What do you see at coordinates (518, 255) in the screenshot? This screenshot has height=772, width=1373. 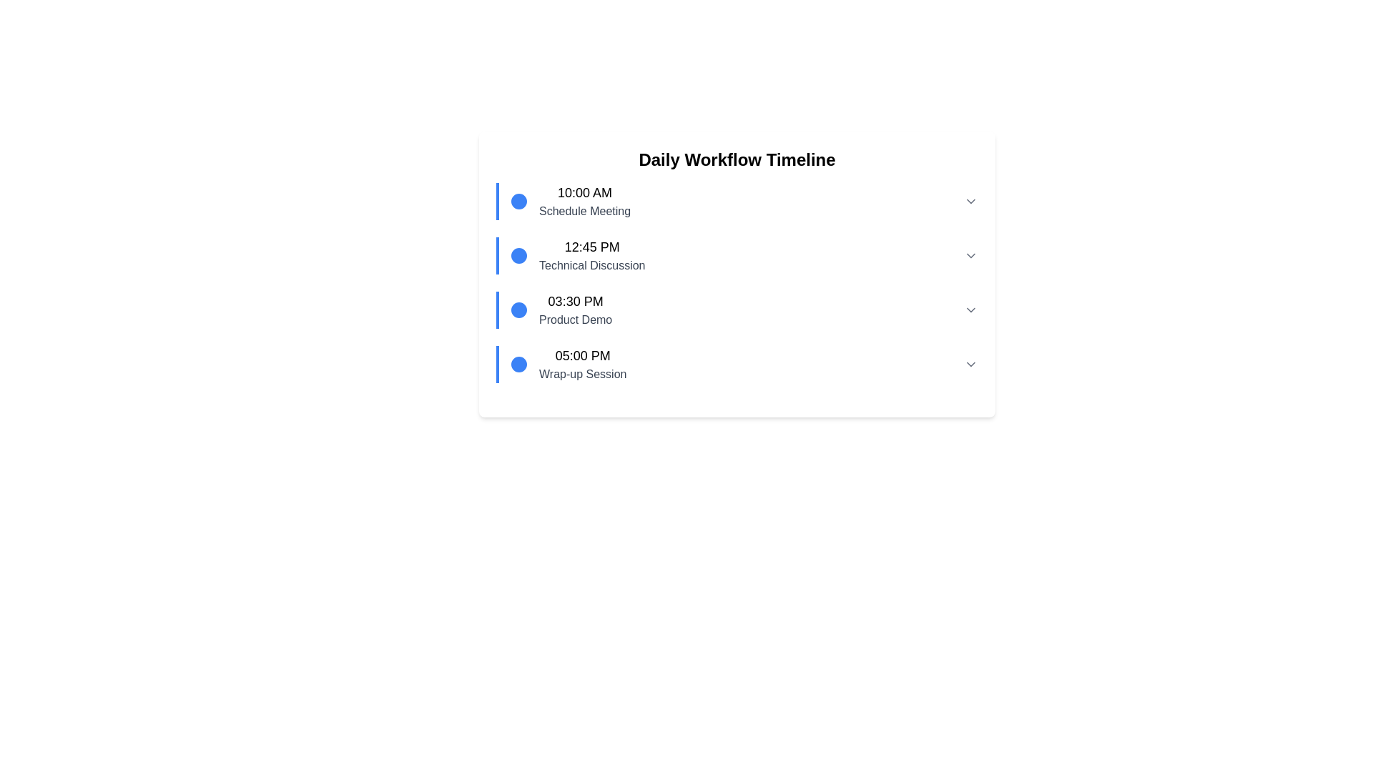 I see `the second circular visual marker filled with blue color in the timeline interface, which corresponds to '12:45 PM' and 'Technical Discussion'` at bounding box center [518, 255].